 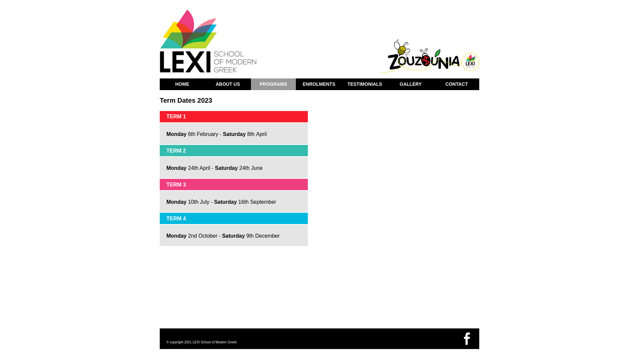 I want to click on 'ABOUT US', so click(x=228, y=84).